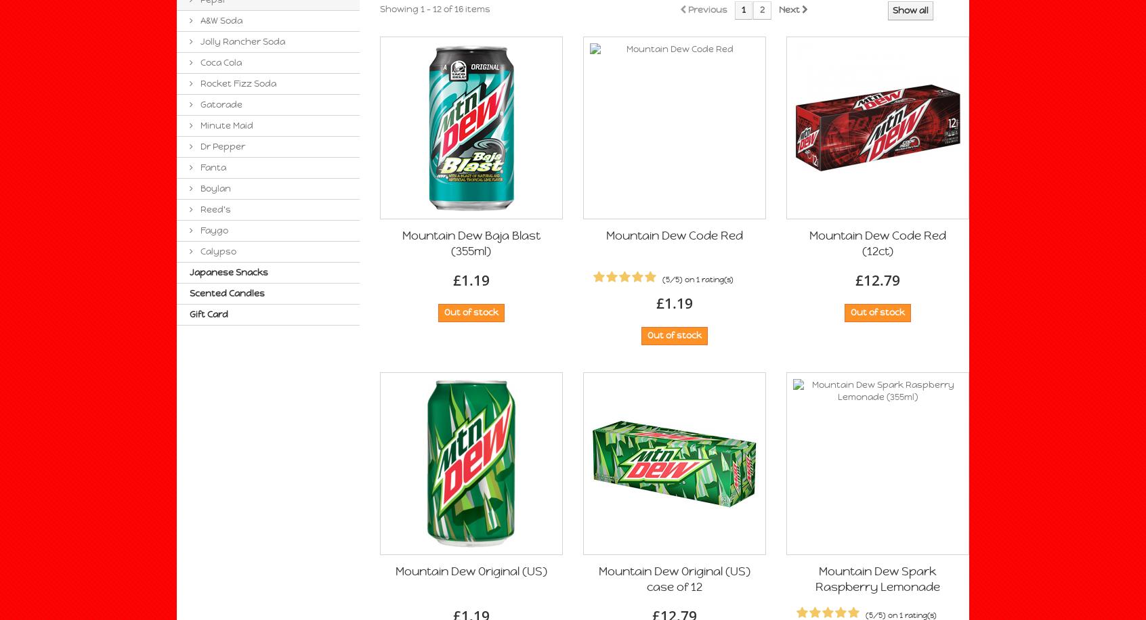 The height and width of the screenshot is (620, 1146). Describe the element at coordinates (225, 125) in the screenshot. I see `'Minute Maid'` at that location.